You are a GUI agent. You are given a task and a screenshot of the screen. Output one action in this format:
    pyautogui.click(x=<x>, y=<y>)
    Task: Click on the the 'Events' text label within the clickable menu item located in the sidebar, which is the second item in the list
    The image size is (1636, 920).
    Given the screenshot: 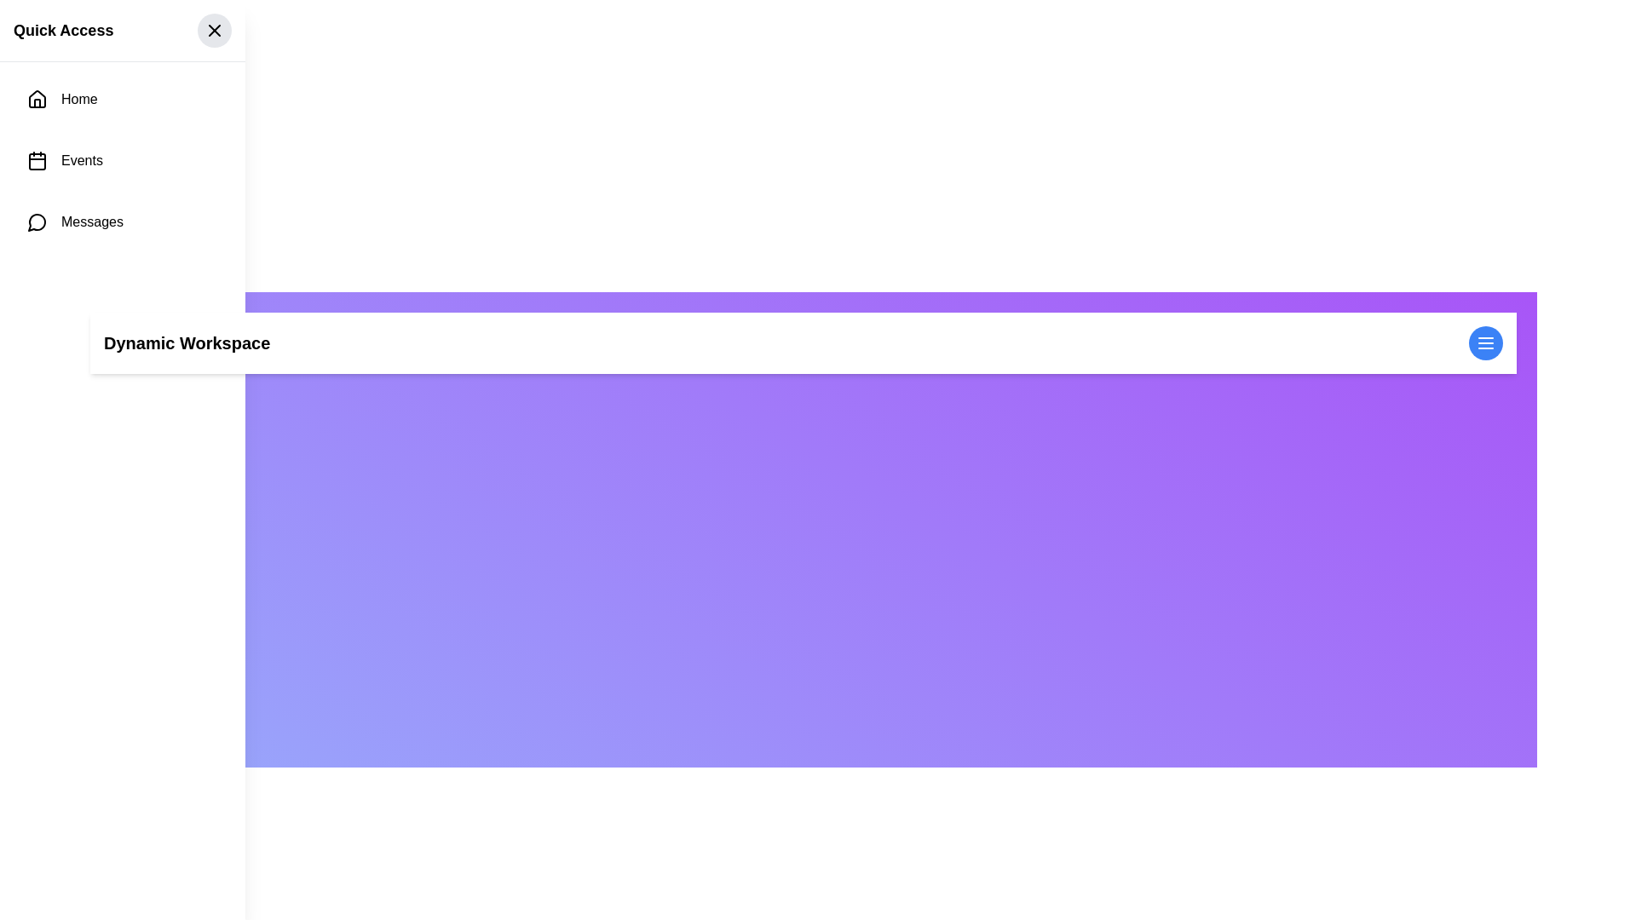 What is the action you would take?
    pyautogui.click(x=81, y=161)
    